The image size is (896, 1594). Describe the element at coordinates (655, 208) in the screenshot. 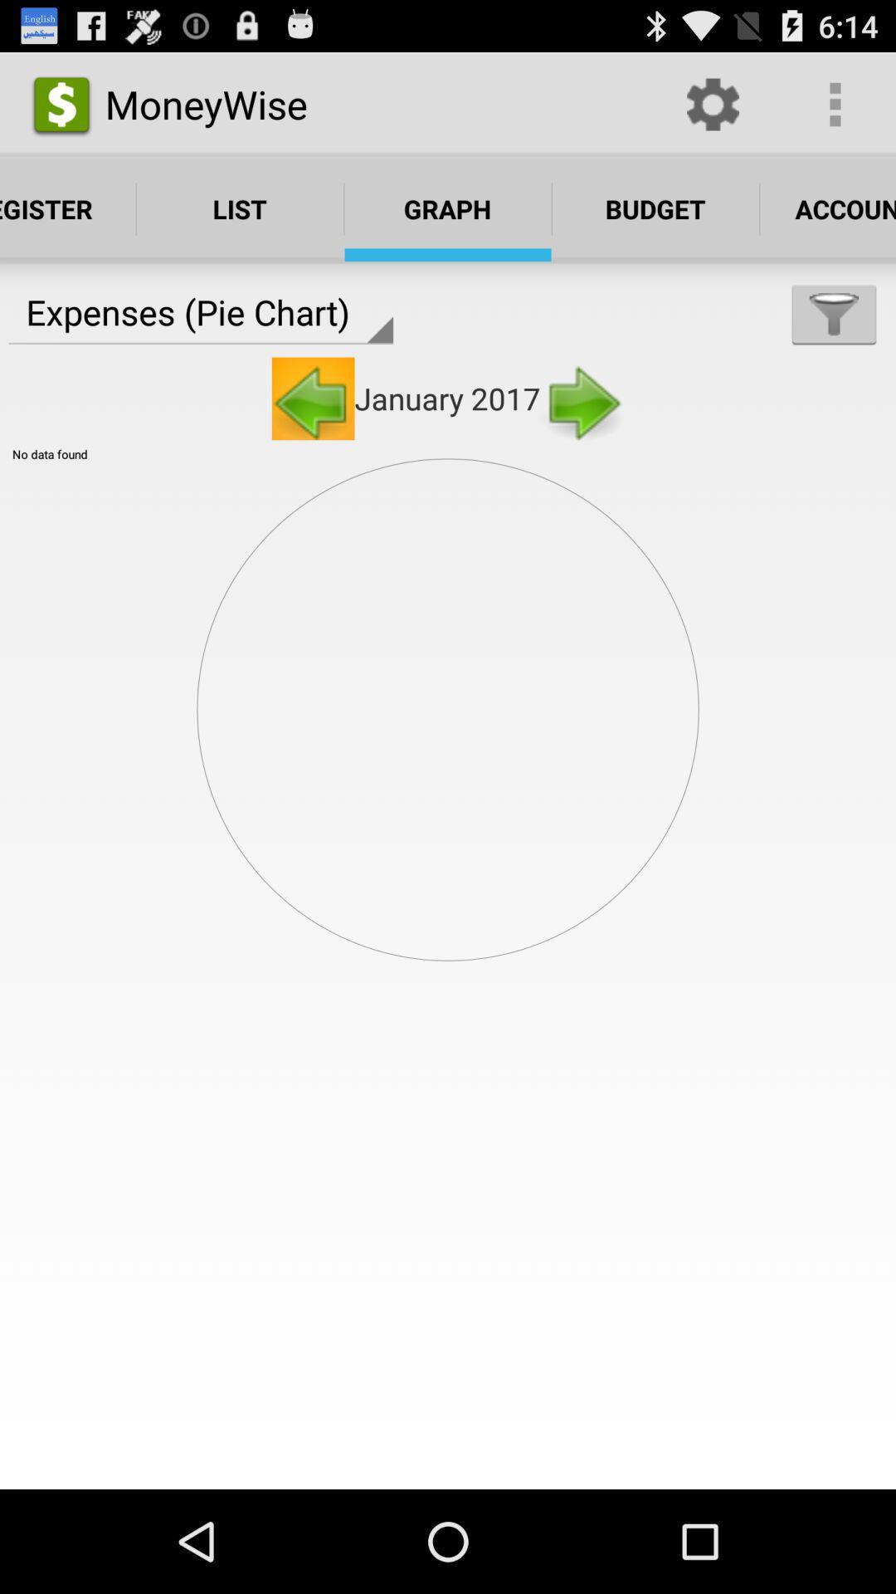

I see `the text which is to the right side of the graph` at that location.